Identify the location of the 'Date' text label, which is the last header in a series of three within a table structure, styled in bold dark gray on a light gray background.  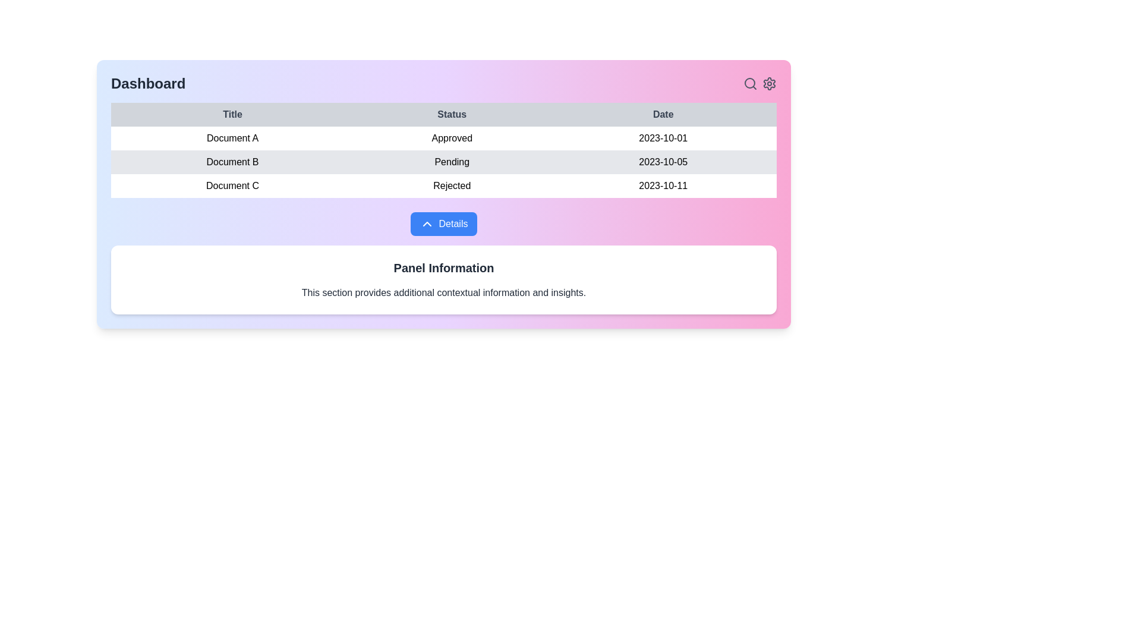
(663, 114).